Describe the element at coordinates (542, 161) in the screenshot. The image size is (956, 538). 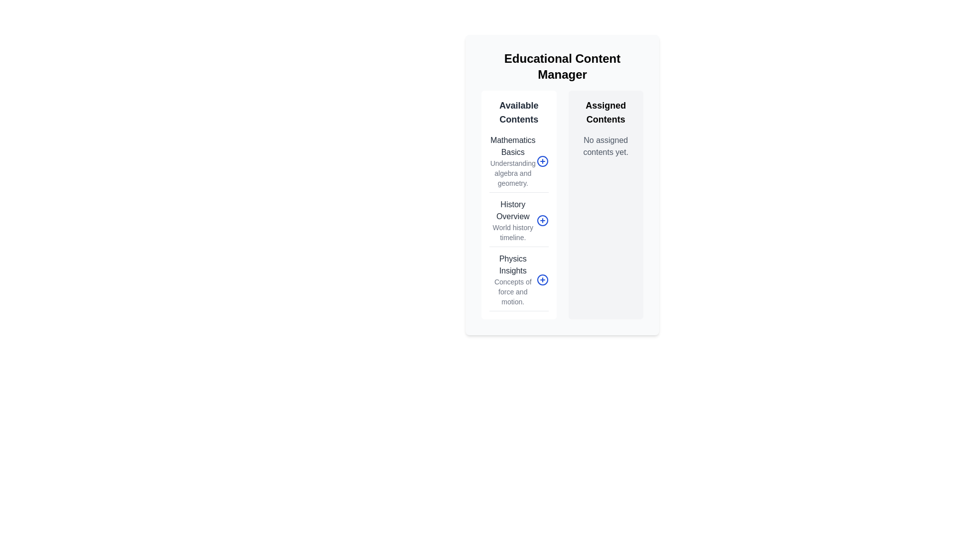
I see `the interactive button with an icon located to the right of the 'Mathematics Basics' text` at that location.